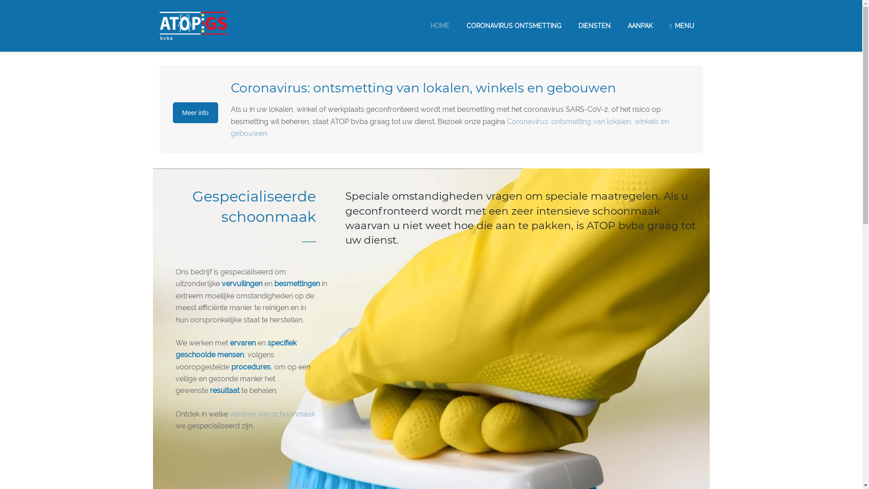  Describe the element at coordinates (594, 25) in the screenshot. I see `'DIENSTEN'` at that location.